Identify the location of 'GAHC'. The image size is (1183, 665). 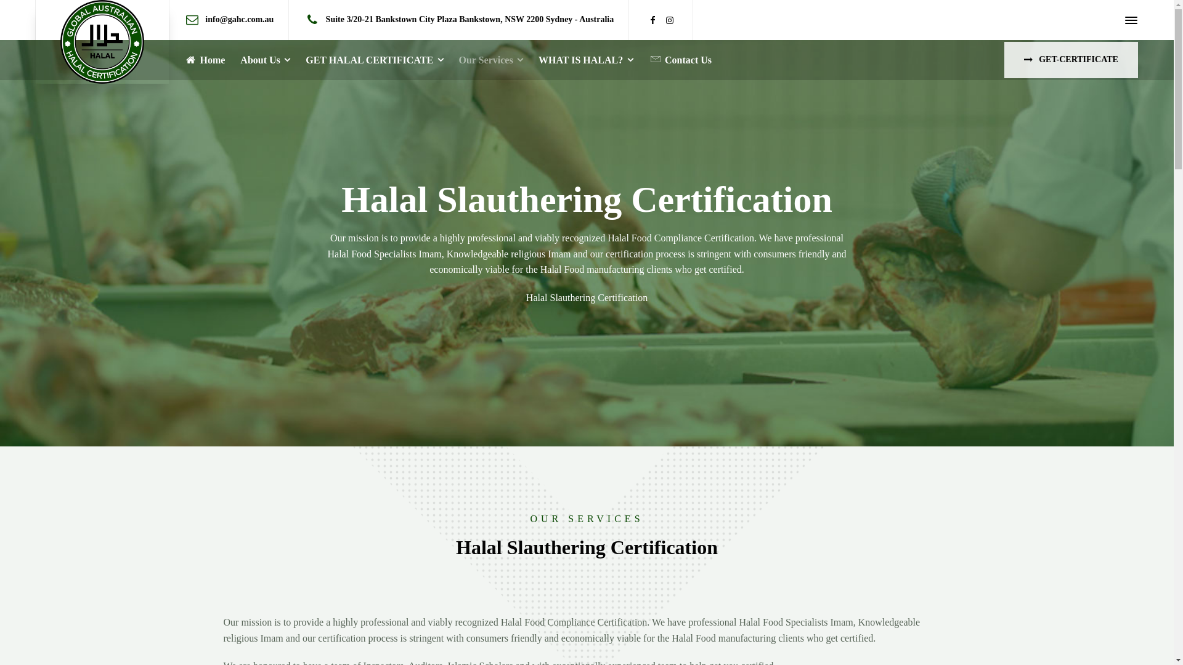
(59, 41).